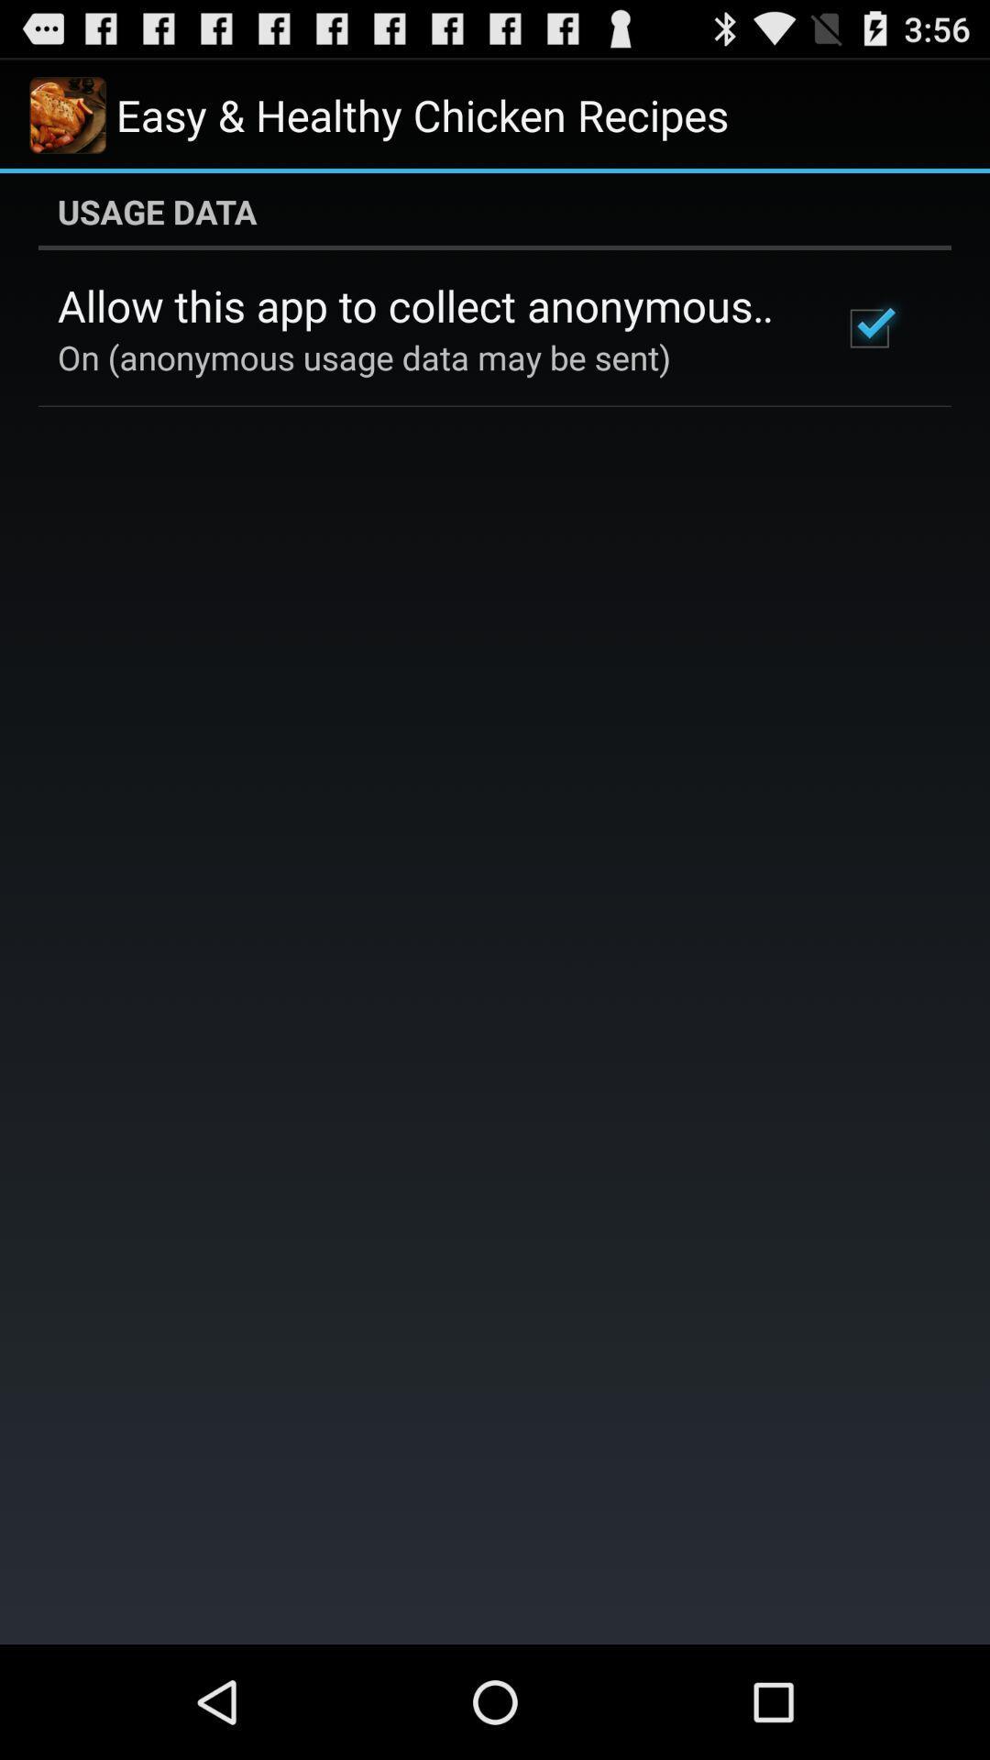  What do you see at coordinates (424, 305) in the screenshot?
I see `app above on anonymous usage icon` at bounding box center [424, 305].